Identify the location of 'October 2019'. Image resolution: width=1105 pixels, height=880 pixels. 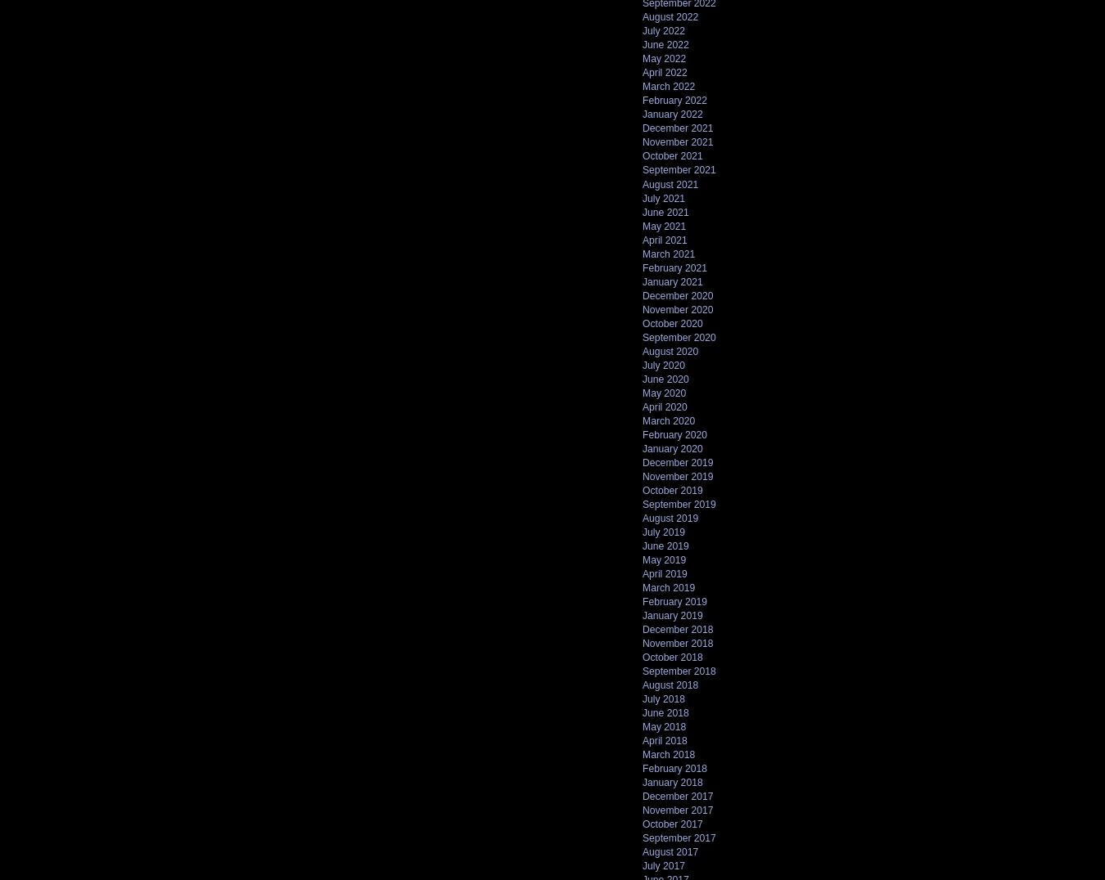
(642, 490).